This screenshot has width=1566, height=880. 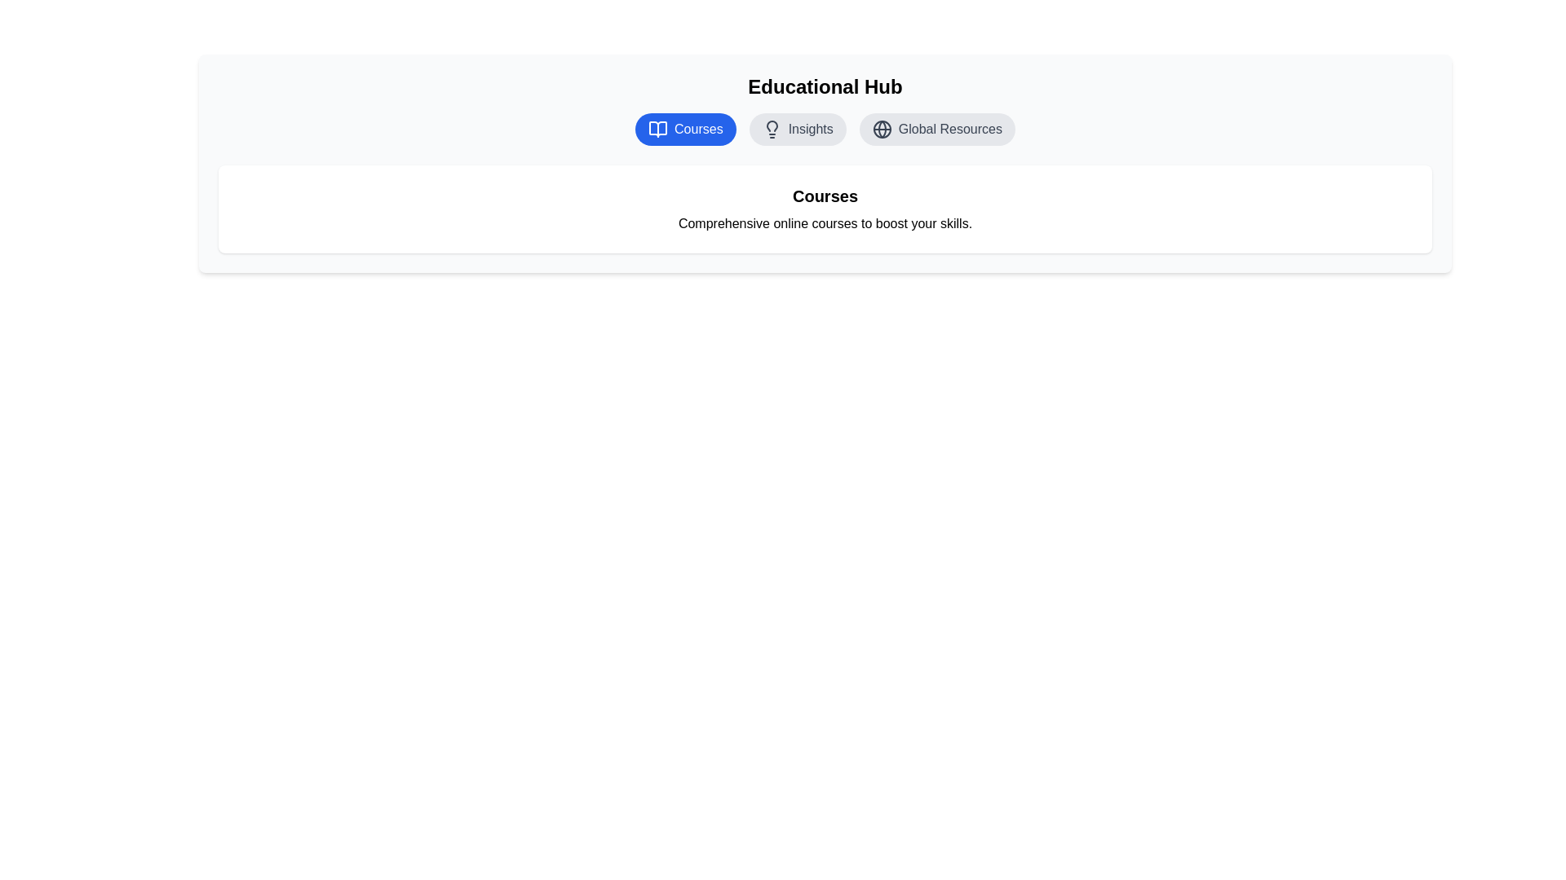 What do you see at coordinates (798, 128) in the screenshot?
I see `the 'Insights' tab to activate its content` at bounding box center [798, 128].